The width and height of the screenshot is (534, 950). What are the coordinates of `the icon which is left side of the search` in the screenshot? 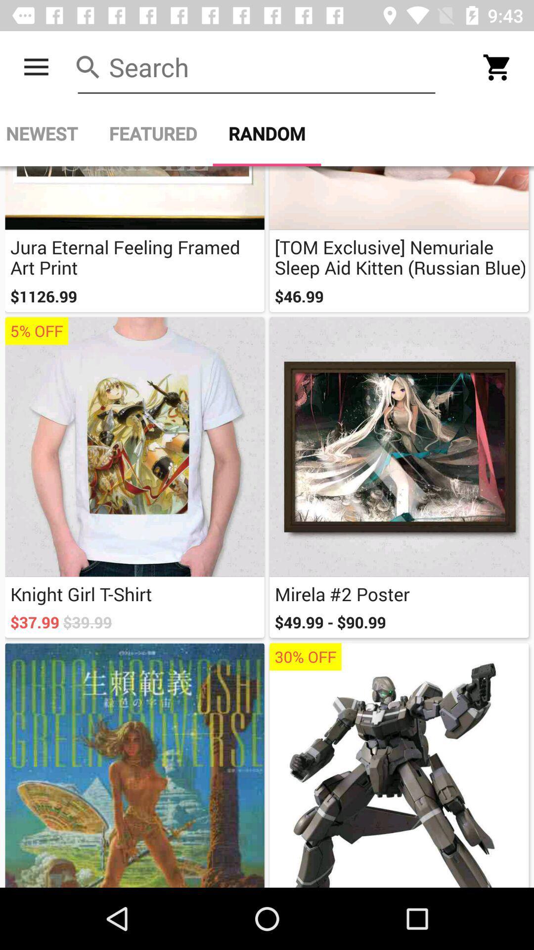 It's located at (88, 67).